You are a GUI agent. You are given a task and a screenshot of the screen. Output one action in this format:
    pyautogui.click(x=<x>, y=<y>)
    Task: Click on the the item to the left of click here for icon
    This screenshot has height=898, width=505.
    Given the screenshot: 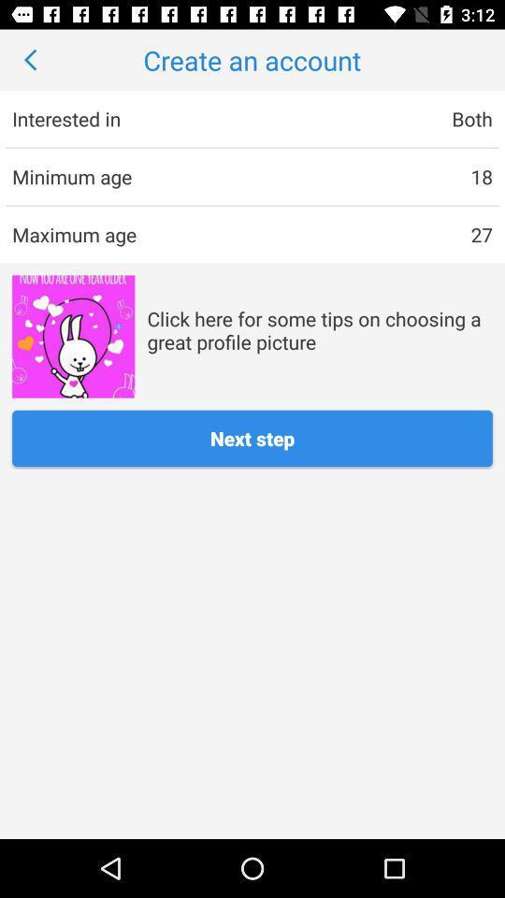 What is the action you would take?
    pyautogui.click(x=72, y=337)
    